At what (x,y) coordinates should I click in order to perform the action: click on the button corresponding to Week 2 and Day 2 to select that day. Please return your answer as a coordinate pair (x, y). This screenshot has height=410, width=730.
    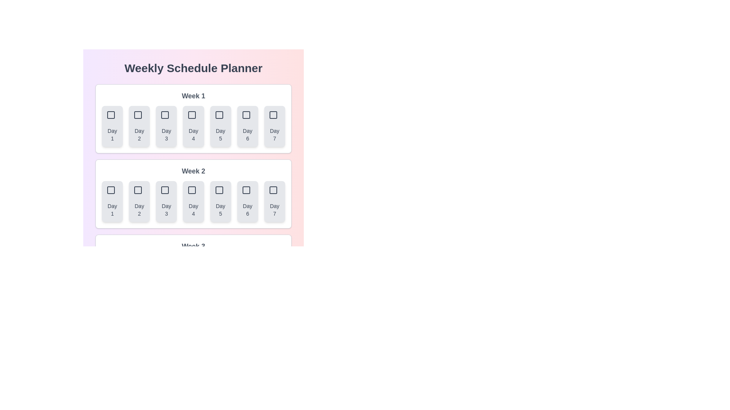
    Looking at the image, I should click on (139, 201).